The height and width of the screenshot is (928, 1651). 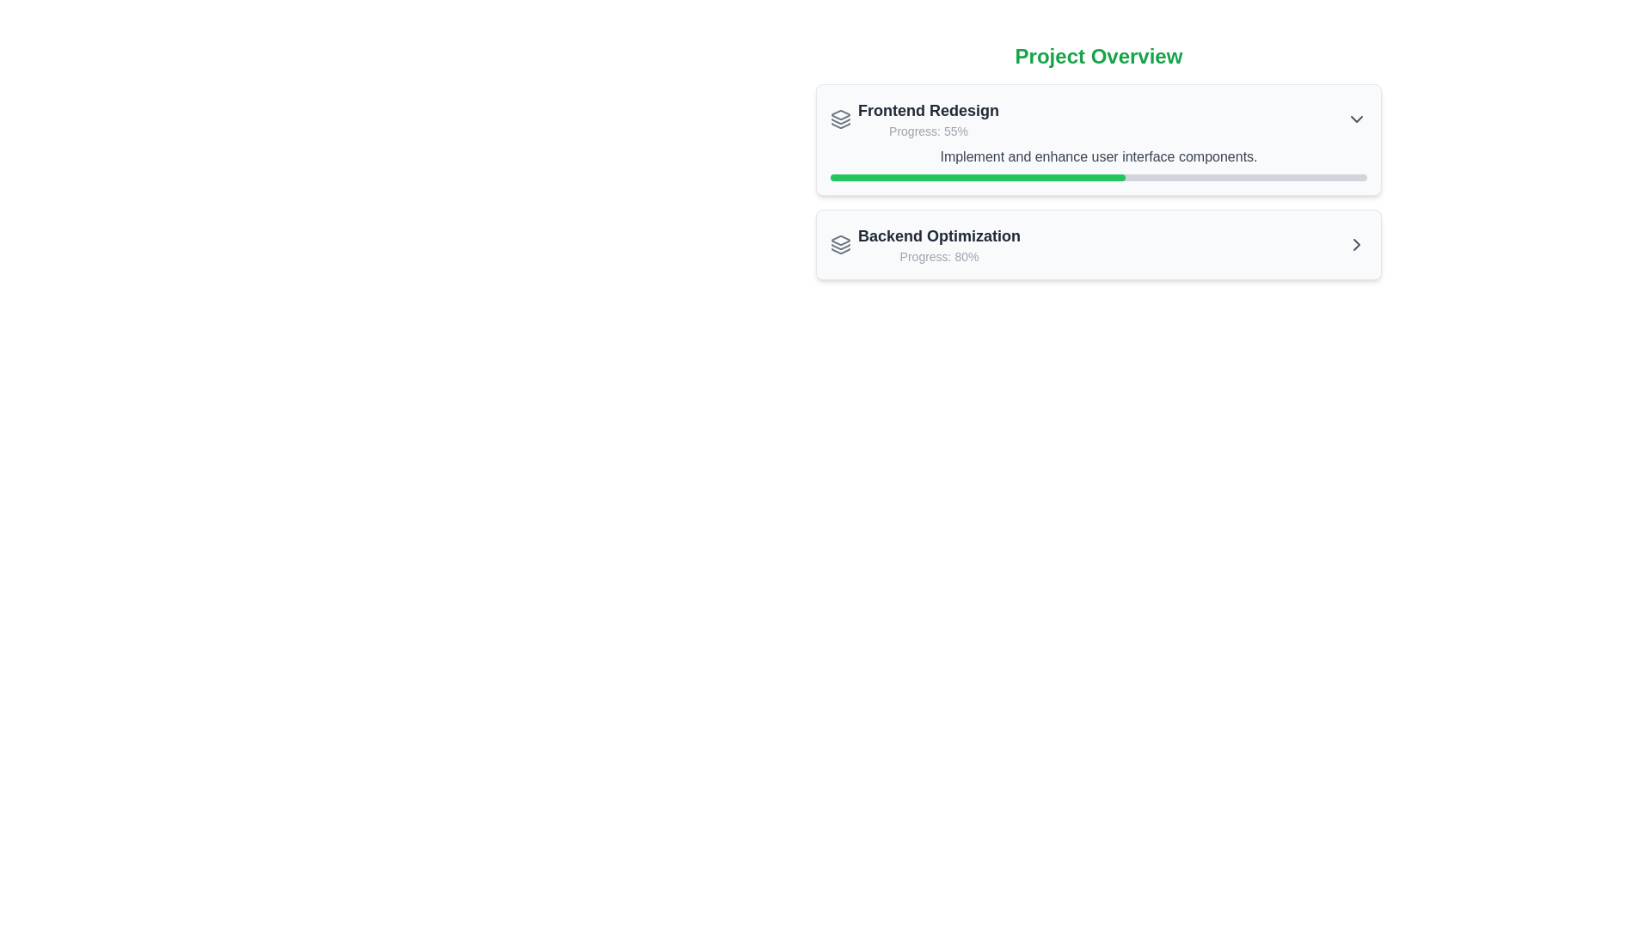 What do you see at coordinates (1097, 168) in the screenshot?
I see `title and descriptions of the 'Project Overview' section, which includes the panels for 'Frontend Redesign' and 'Backend Optimization'` at bounding box center [1097, 168].